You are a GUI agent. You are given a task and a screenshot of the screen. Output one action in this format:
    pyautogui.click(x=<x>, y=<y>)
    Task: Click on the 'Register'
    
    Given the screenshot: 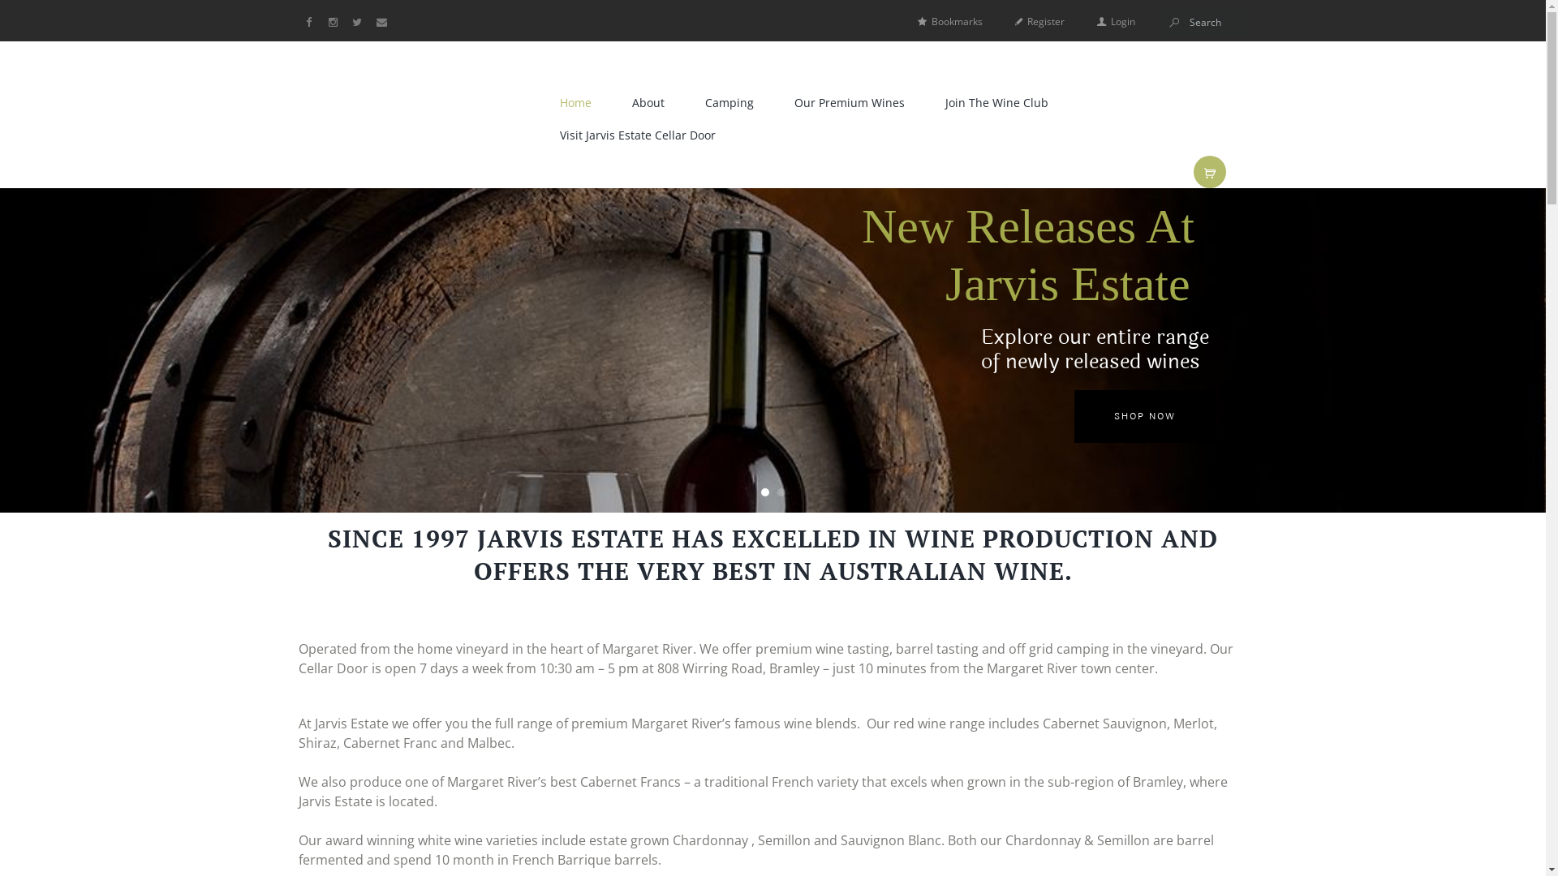 What is the action you would take?
    pyautogui.click(x=1039, y=22)
    